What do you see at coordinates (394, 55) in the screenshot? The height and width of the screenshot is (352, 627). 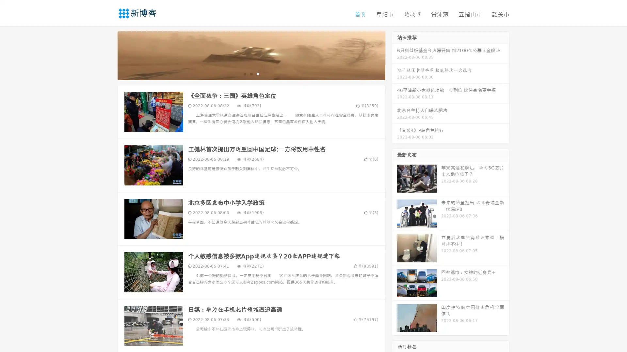 I see `Next slide` at bounding box center [394, 55].